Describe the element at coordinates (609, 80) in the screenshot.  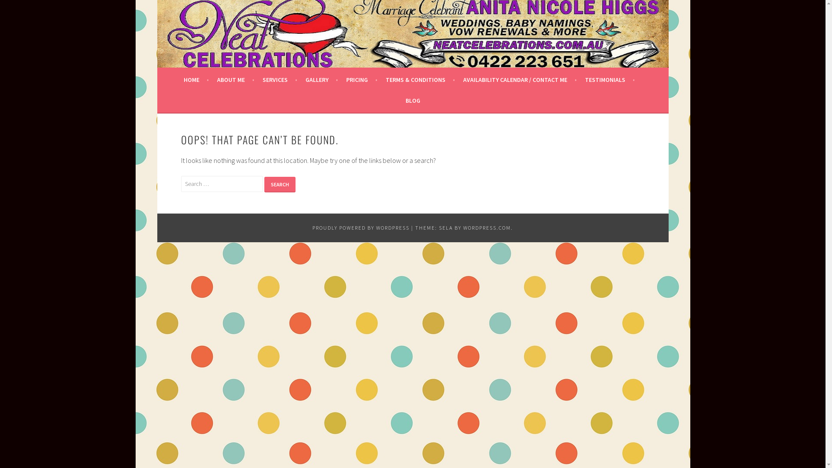
I see `'TESTIMONIALS'` at that location.